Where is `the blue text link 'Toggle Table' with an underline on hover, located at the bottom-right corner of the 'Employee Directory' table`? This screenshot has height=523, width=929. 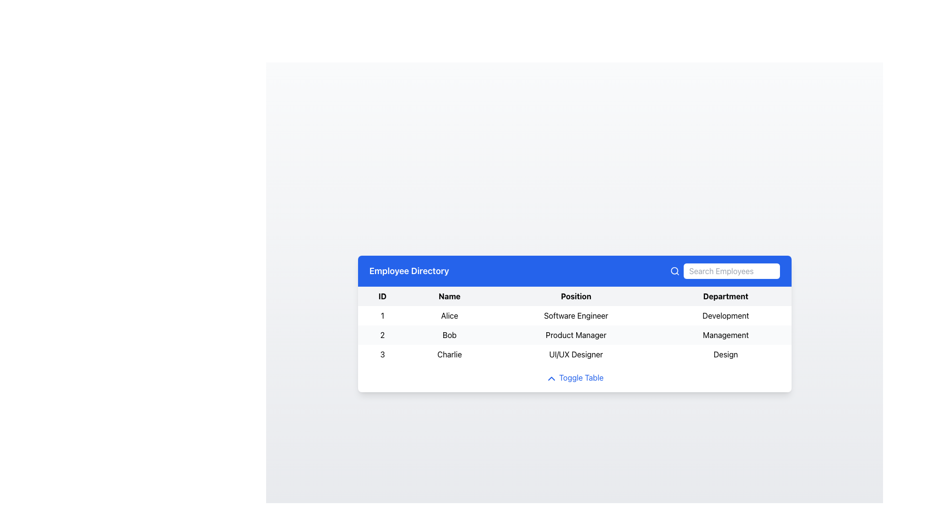 the blue text link 'Toggle Table' with an underline on hover, located at the bottom-right corner of the 'Employee Directory' table is located at coordinates (574, 377).